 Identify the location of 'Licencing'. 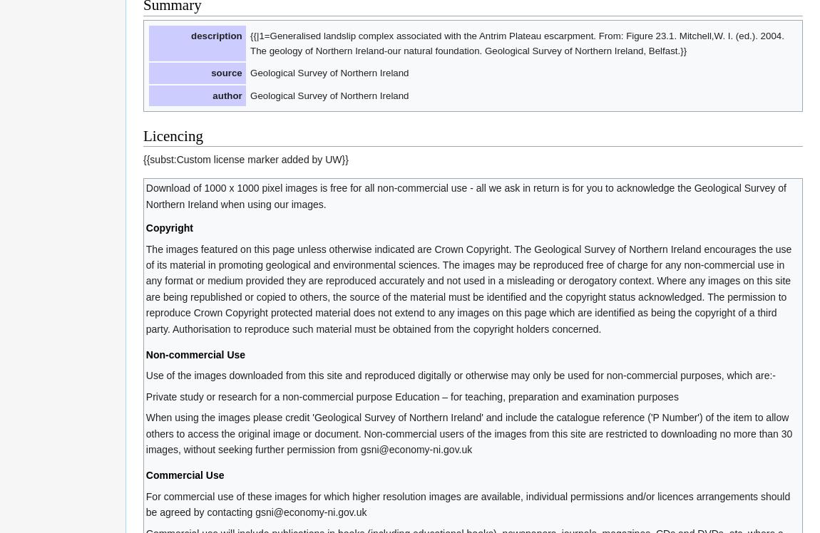
(172, 135).